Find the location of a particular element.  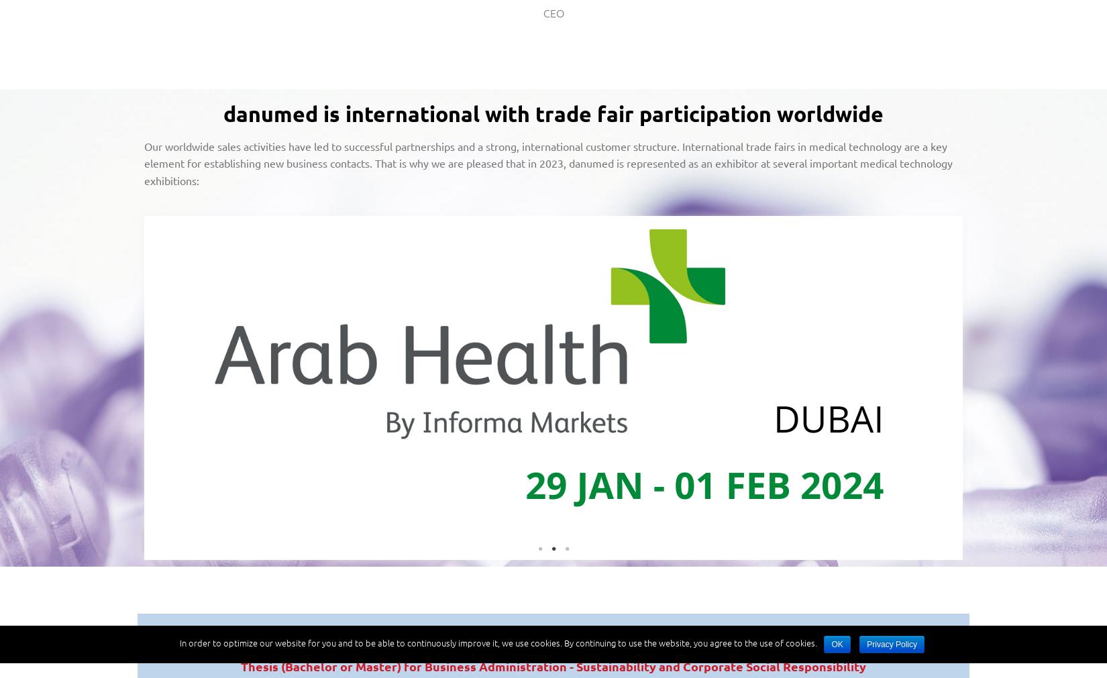

'OPEN VACANCIES' is located at coordinates (553, 633).